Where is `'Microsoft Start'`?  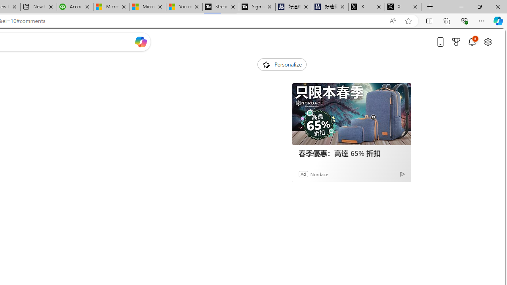
'Microsoft Start' is located at coordinates (148, 7).